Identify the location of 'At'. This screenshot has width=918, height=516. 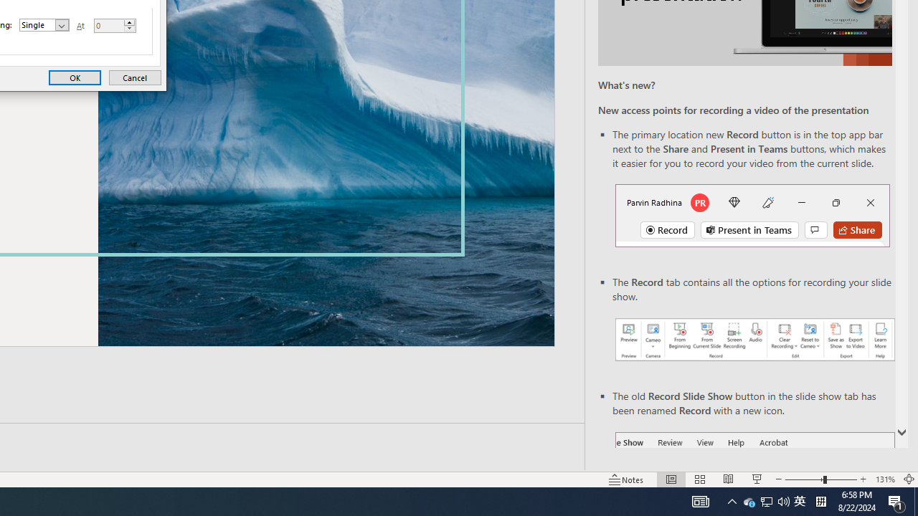
(115, 26).